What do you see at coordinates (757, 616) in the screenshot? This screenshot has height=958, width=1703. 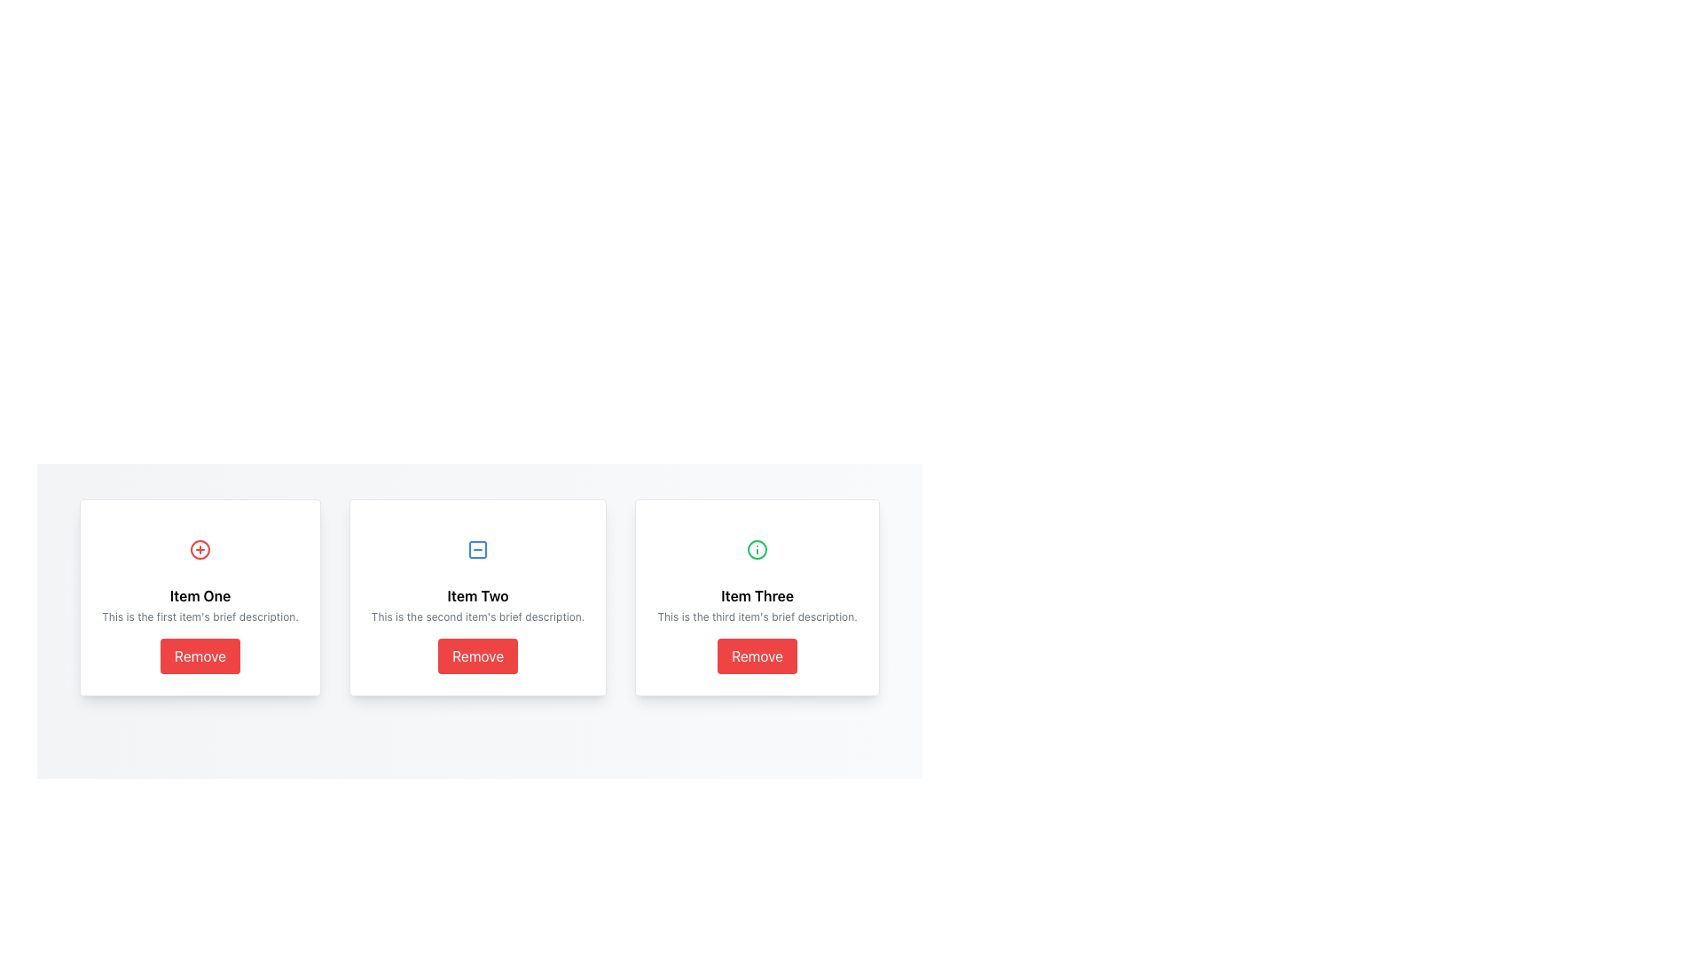 I see `descriptive text located in the third card, positioned below 'Item Three' and above the red 'Remove' button` at bounding box center [757, 616].